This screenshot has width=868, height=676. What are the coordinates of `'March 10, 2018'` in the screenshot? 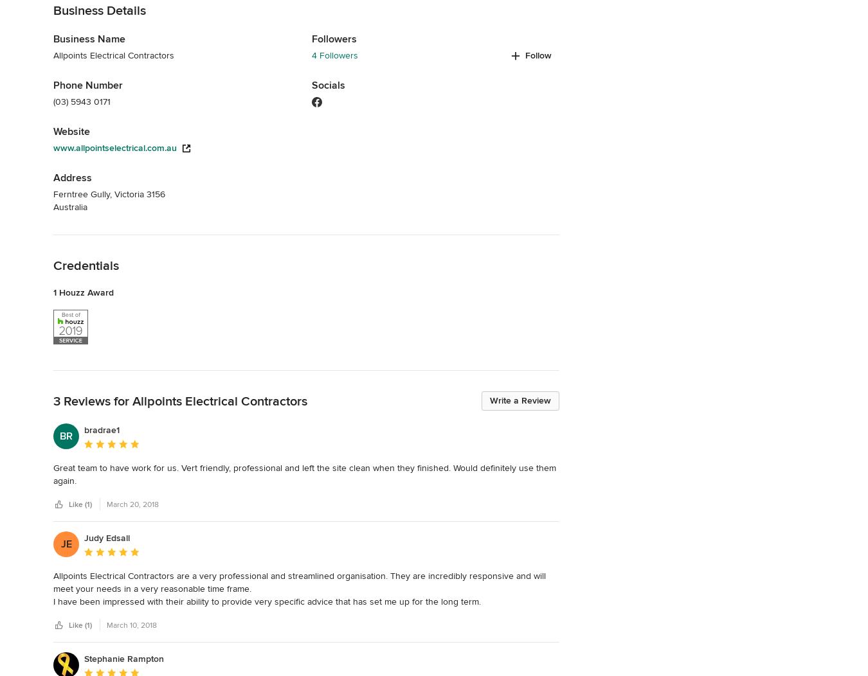 It's located at (132, 625).